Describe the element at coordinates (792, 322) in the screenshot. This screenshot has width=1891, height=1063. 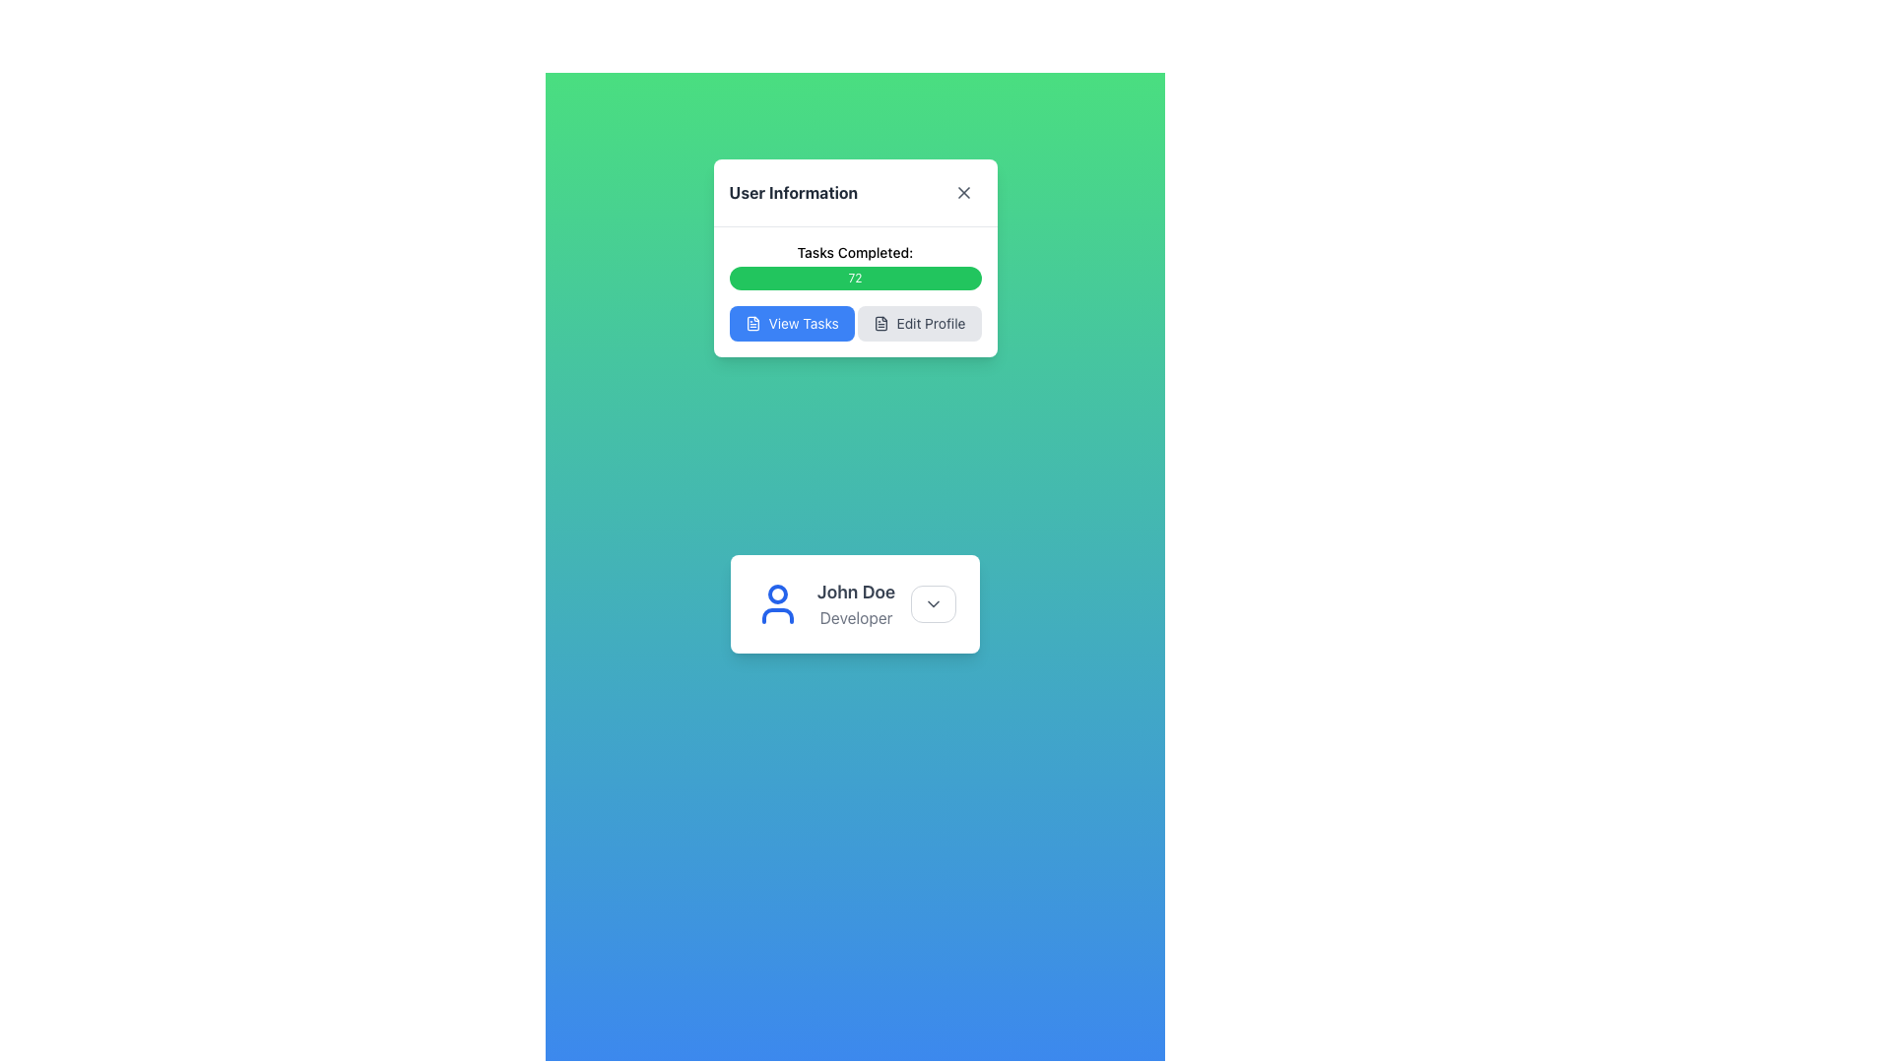
I see `the blue button labeled 'View Tasks' to activate the hover effect` at that location.